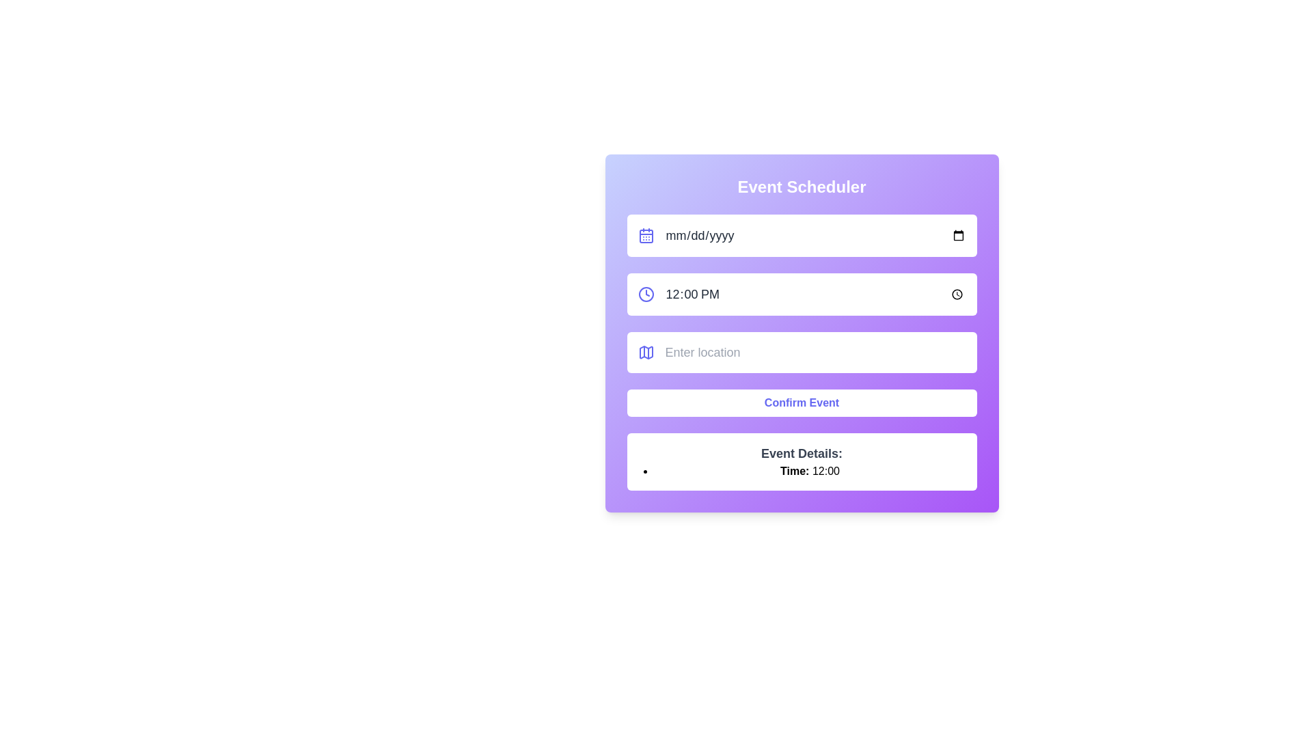  Describe the element at coordinates (815, 234) in the screenshot. I see `the Date input field located at the top of the Event Scheduler form to focus on the field` at that location.